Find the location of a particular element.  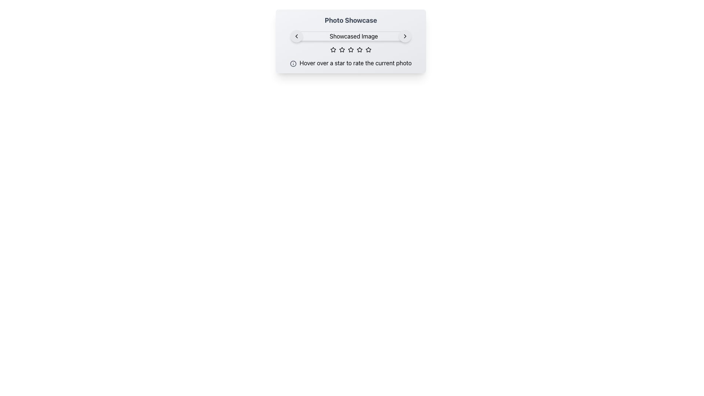

the fourth star-shaped rating icon in a row of five stars is located at coordinates (359, 49).